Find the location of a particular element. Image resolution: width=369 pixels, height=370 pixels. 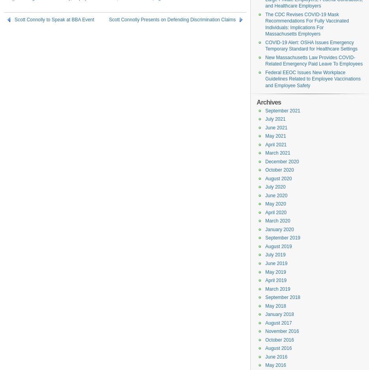

'April 2021' is located at coordinates (276, 144).